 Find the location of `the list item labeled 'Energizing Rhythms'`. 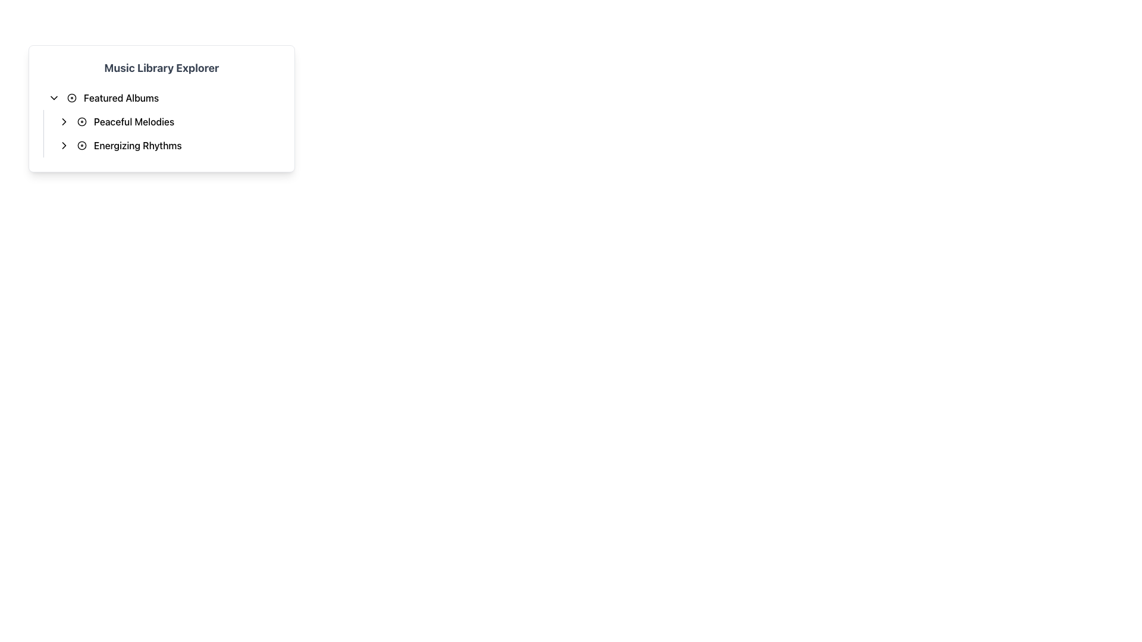

the list item labeled 'Energizing Rhythms' is located at coordinates (166, 145).